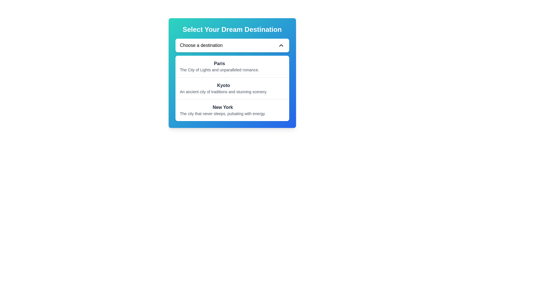 The image size is (546, 307). What do you see at coordinates (232, 110) in the screenshot?
I see `the selectable list item titled 'New York', which features a bold title and is the third item in the list under 'Select Your Dream Destination'` at bounding box center [232, 110].